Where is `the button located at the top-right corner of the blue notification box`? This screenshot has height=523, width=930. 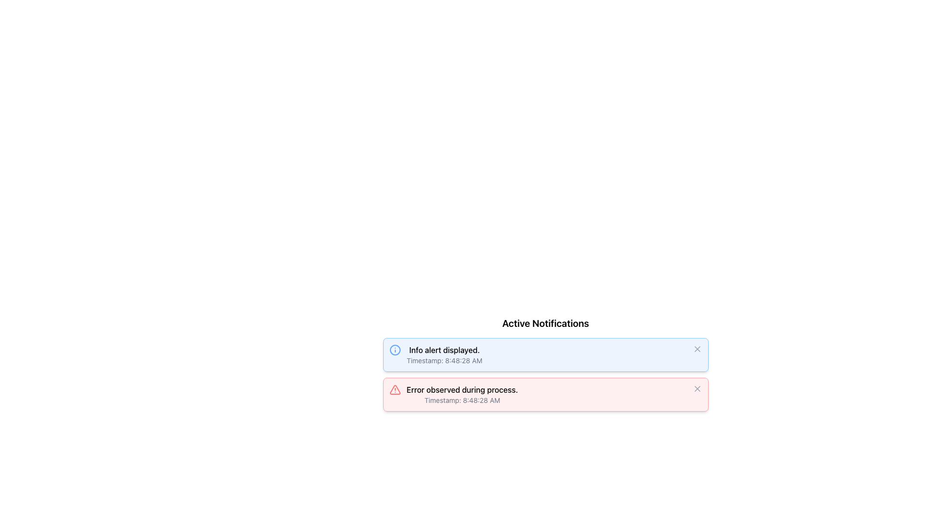 the button located at the top-right corner of the blue notification box is located at coordinates (697, 349).